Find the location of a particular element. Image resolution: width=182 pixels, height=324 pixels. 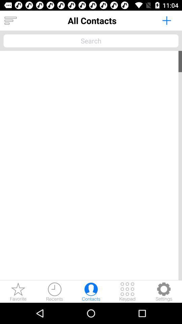

this will bring up your contacts is located at coordinates (91, 291).